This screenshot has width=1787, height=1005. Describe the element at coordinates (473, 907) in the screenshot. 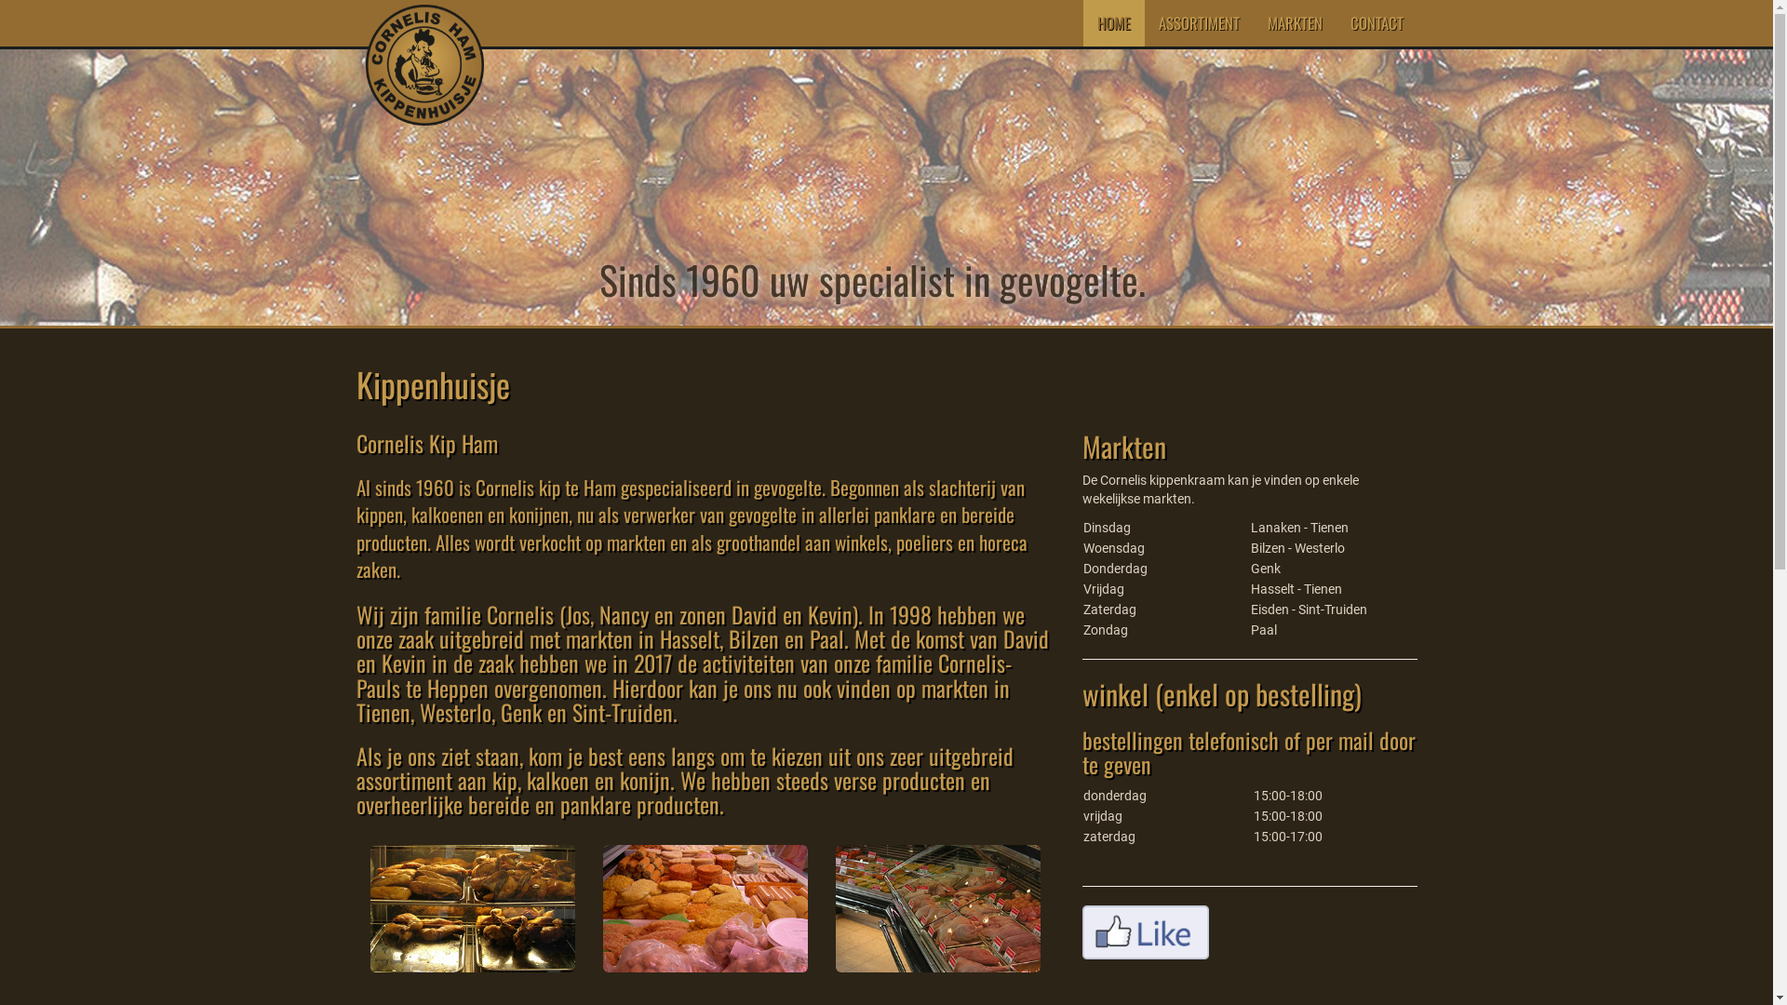

I see `'Cornelis Kip - Kip oven'` at that location.